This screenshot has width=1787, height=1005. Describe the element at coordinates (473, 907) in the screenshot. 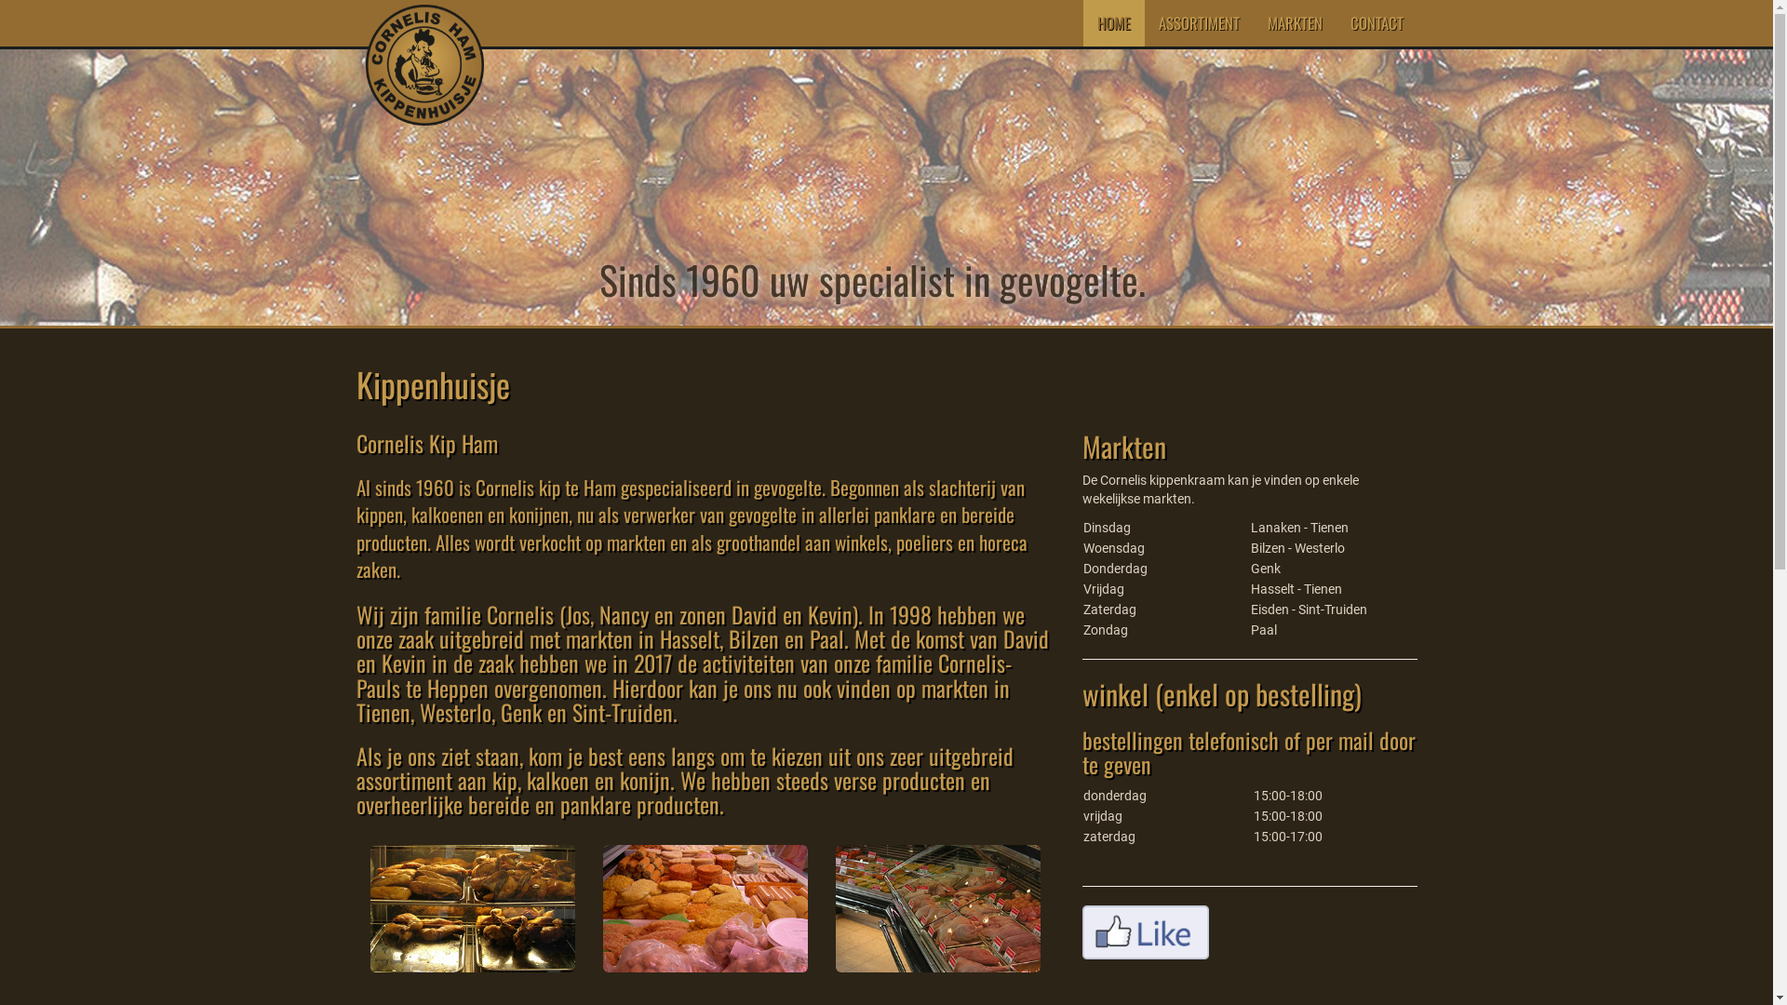

I see `'Cornelis Kip - Kip oven'` at that location.